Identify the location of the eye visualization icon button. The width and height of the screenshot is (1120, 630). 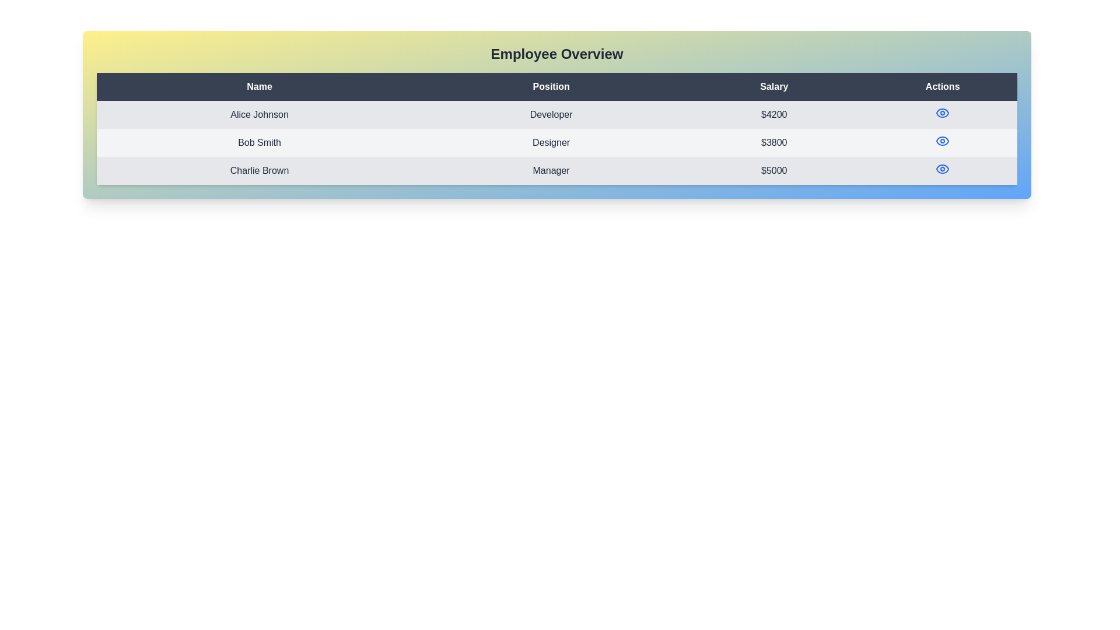
(943, 113).